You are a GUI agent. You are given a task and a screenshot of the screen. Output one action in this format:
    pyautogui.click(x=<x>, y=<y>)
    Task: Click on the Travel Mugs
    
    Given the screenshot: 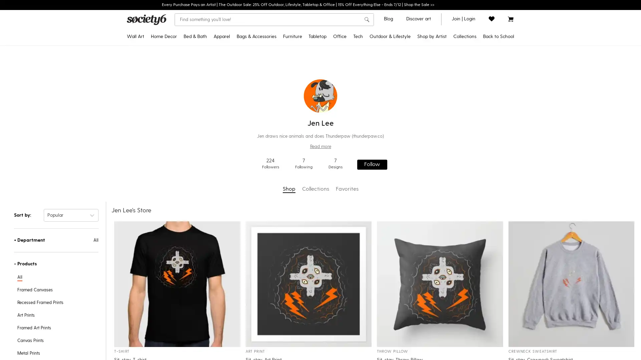 What is the action you would take?
    pyautogui.click(x=399, y=96)
    